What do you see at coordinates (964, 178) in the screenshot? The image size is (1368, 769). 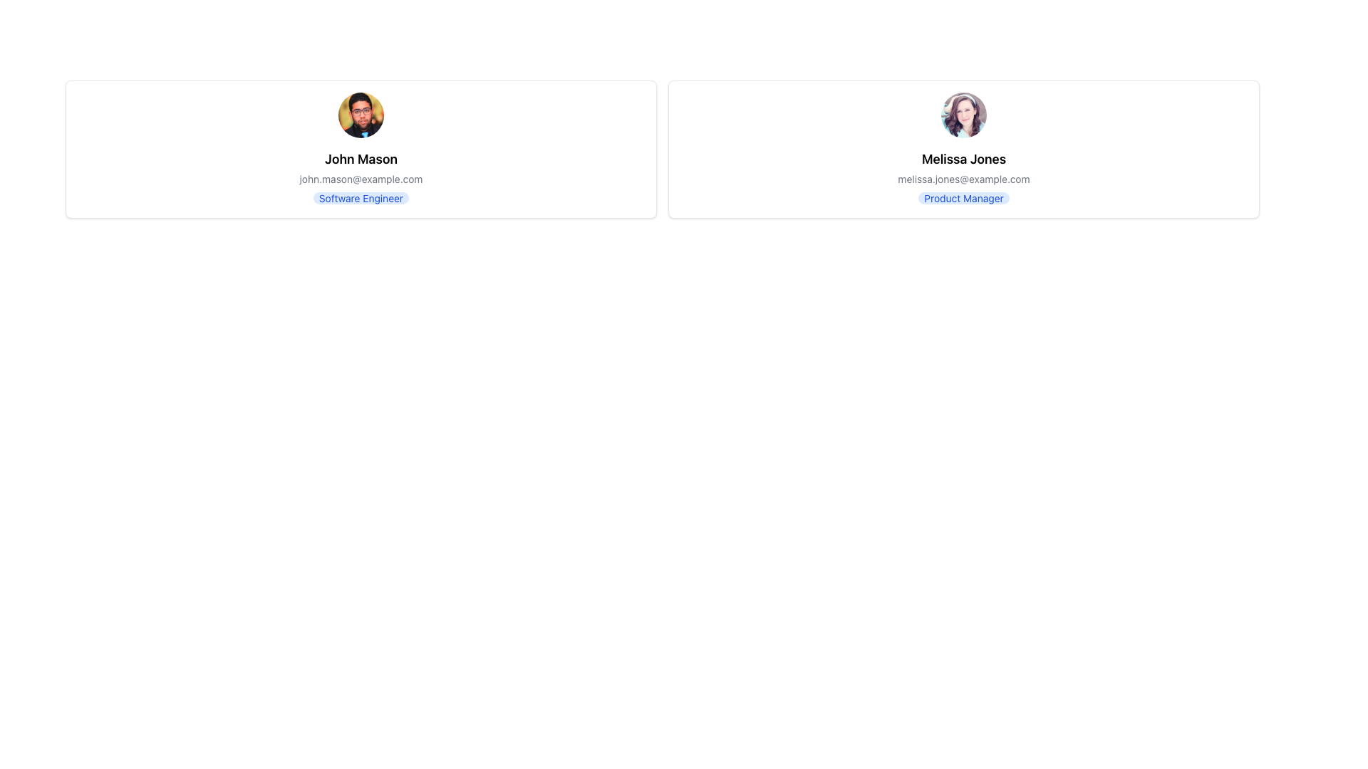 I see `the static text element displaying the email address associated with 'Melissa Jones', which is located beneath 'Melissa Jones' and above 'Product Manager'` at bounding box center [964, 178].